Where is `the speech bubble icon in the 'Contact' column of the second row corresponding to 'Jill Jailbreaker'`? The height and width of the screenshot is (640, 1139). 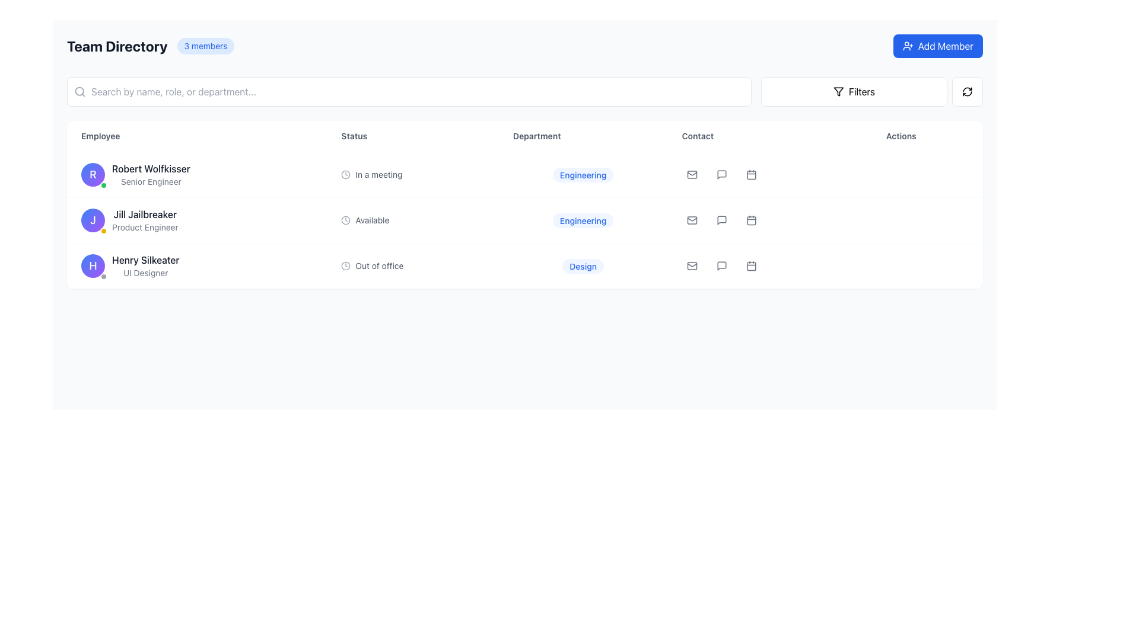 the speech bubble icon in the 'Contact' column of the second row corresponding to 'Jill Jailbreaker' is located at coordinates (721, 220).